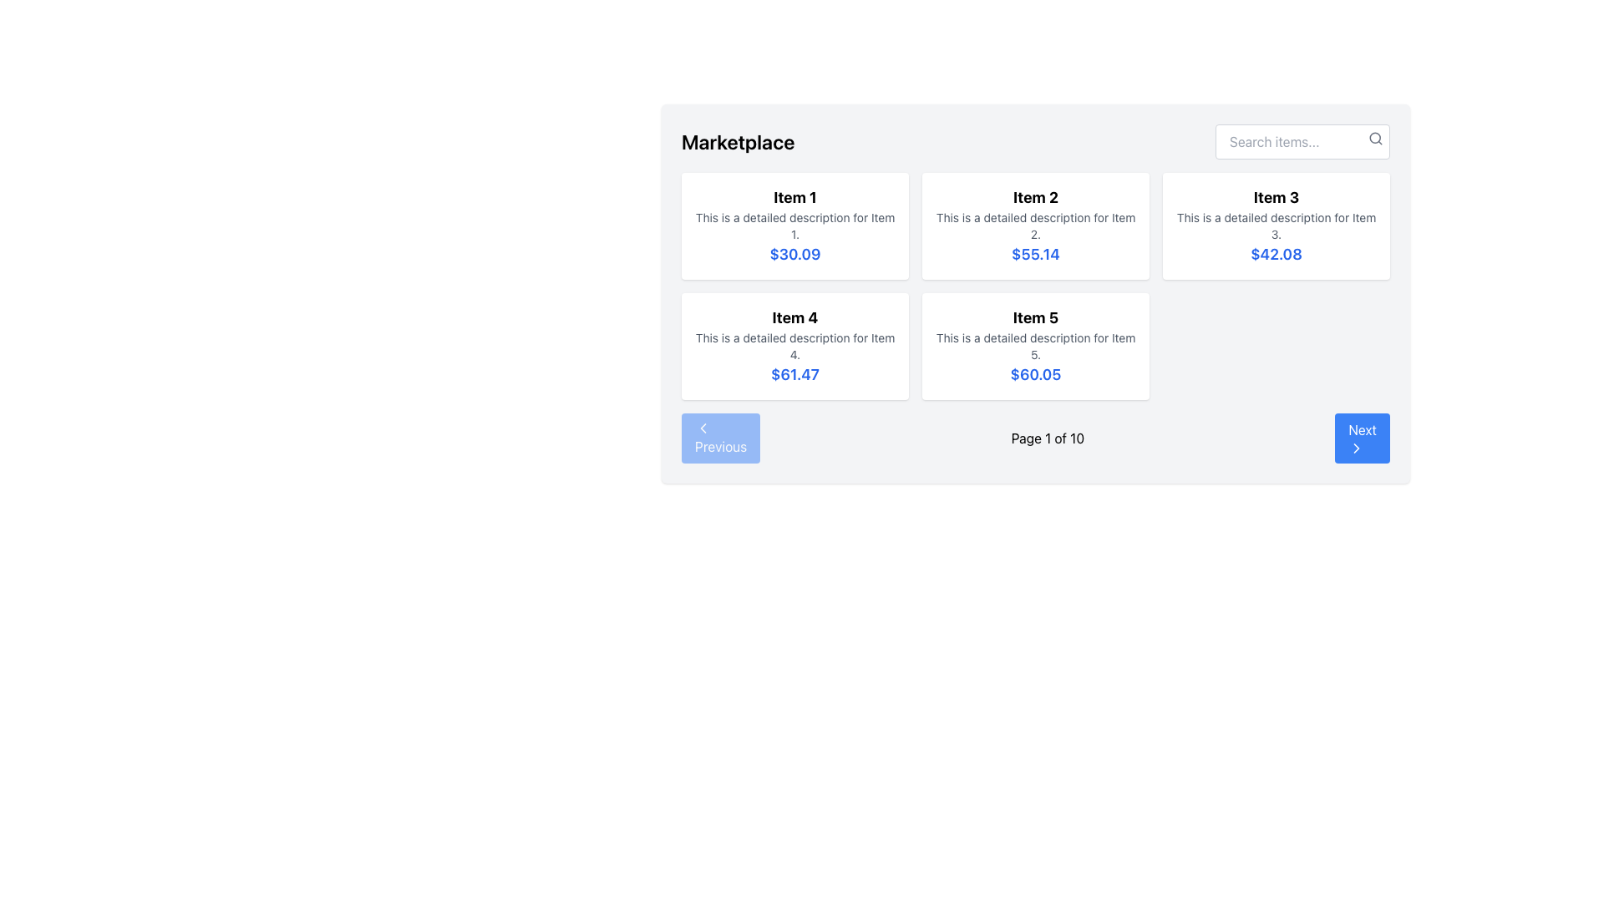  Describe the element at coordinates (1275, 225) in the screenshot. I see `the interactive Card displaying information about a marketplace item located in the top-right section of the grid layout, specifically the third card from left to right` at that location.